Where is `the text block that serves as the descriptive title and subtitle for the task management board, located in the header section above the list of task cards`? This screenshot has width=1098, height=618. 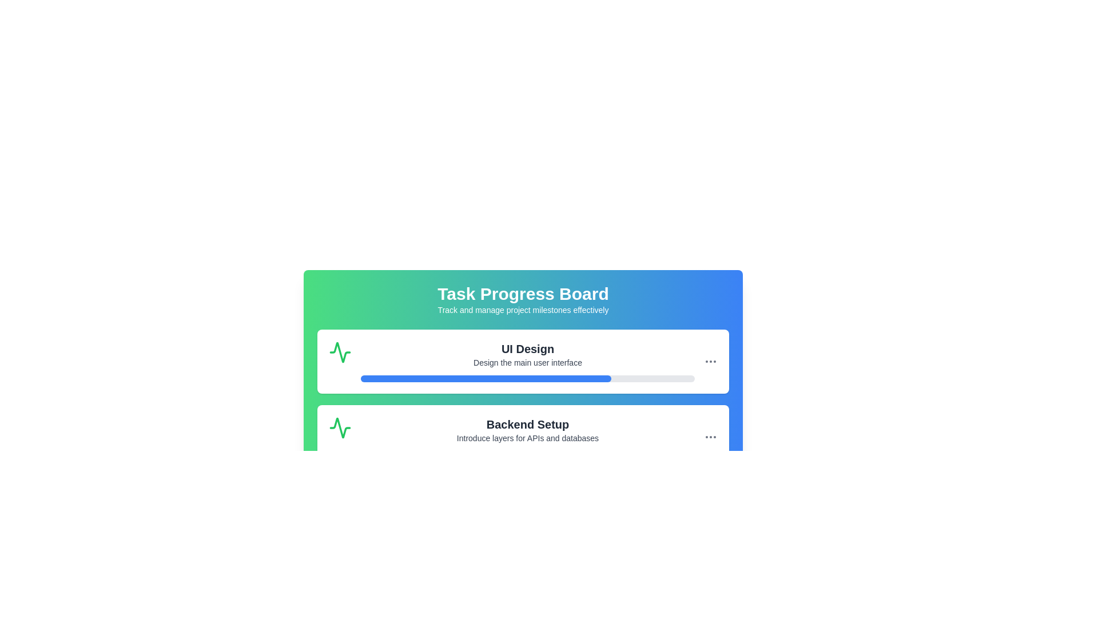 the text block that serves as the descriptive title and subtitle for the task management board, located in the header section above the list of task cards is located at coordinates (523, 299).